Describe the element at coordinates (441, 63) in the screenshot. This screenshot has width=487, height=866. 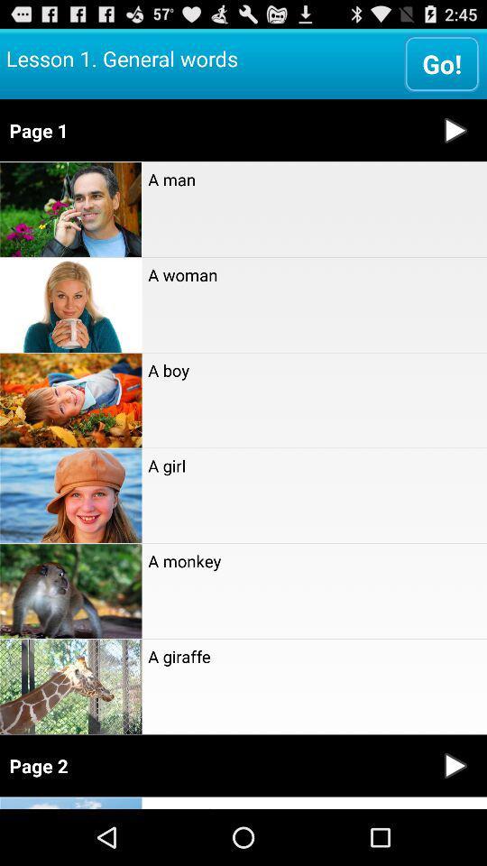
I see `go! button` at that location.